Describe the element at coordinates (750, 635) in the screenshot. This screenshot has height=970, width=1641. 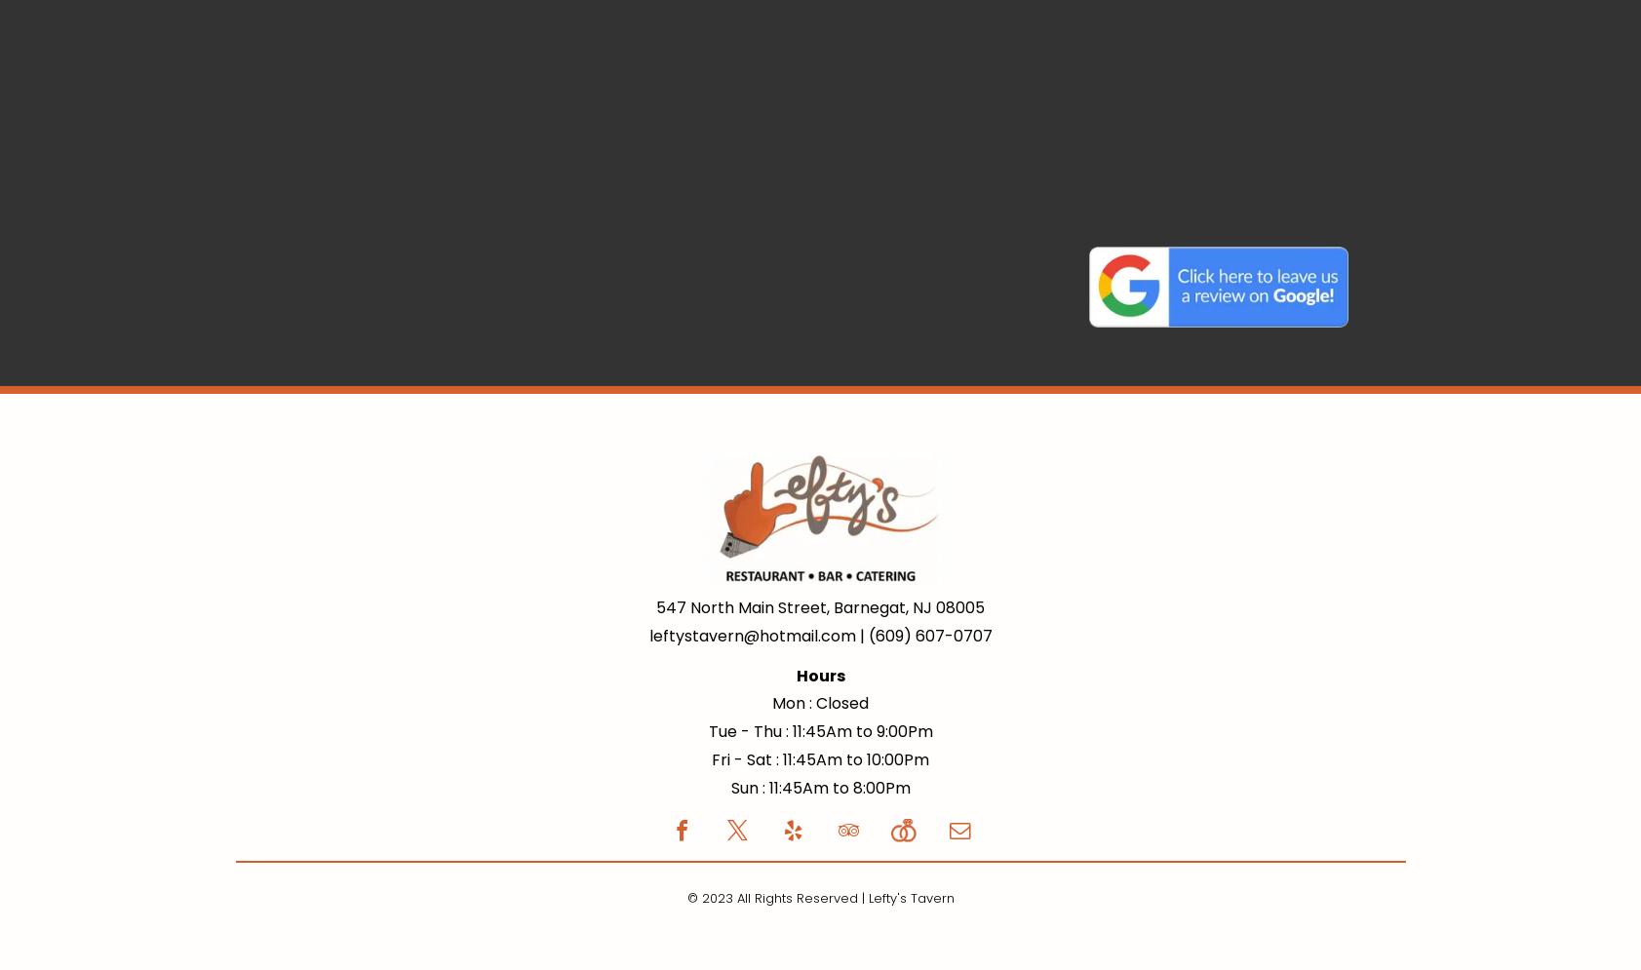
I see `'leftystavern@hotmail.com'` at that location.